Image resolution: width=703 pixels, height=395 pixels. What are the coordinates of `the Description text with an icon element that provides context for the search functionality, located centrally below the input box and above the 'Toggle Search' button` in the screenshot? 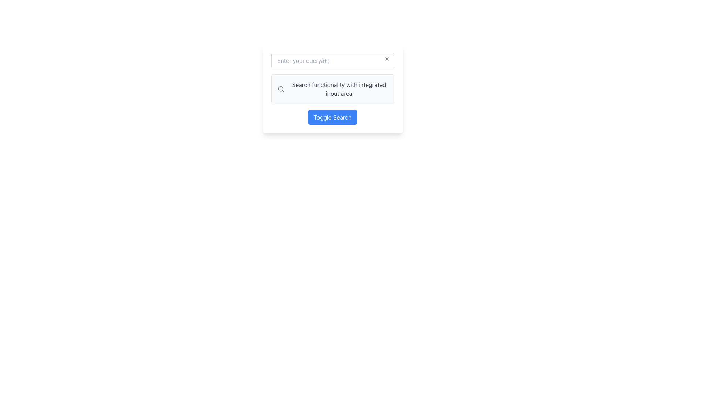 It's located at (332, 89).